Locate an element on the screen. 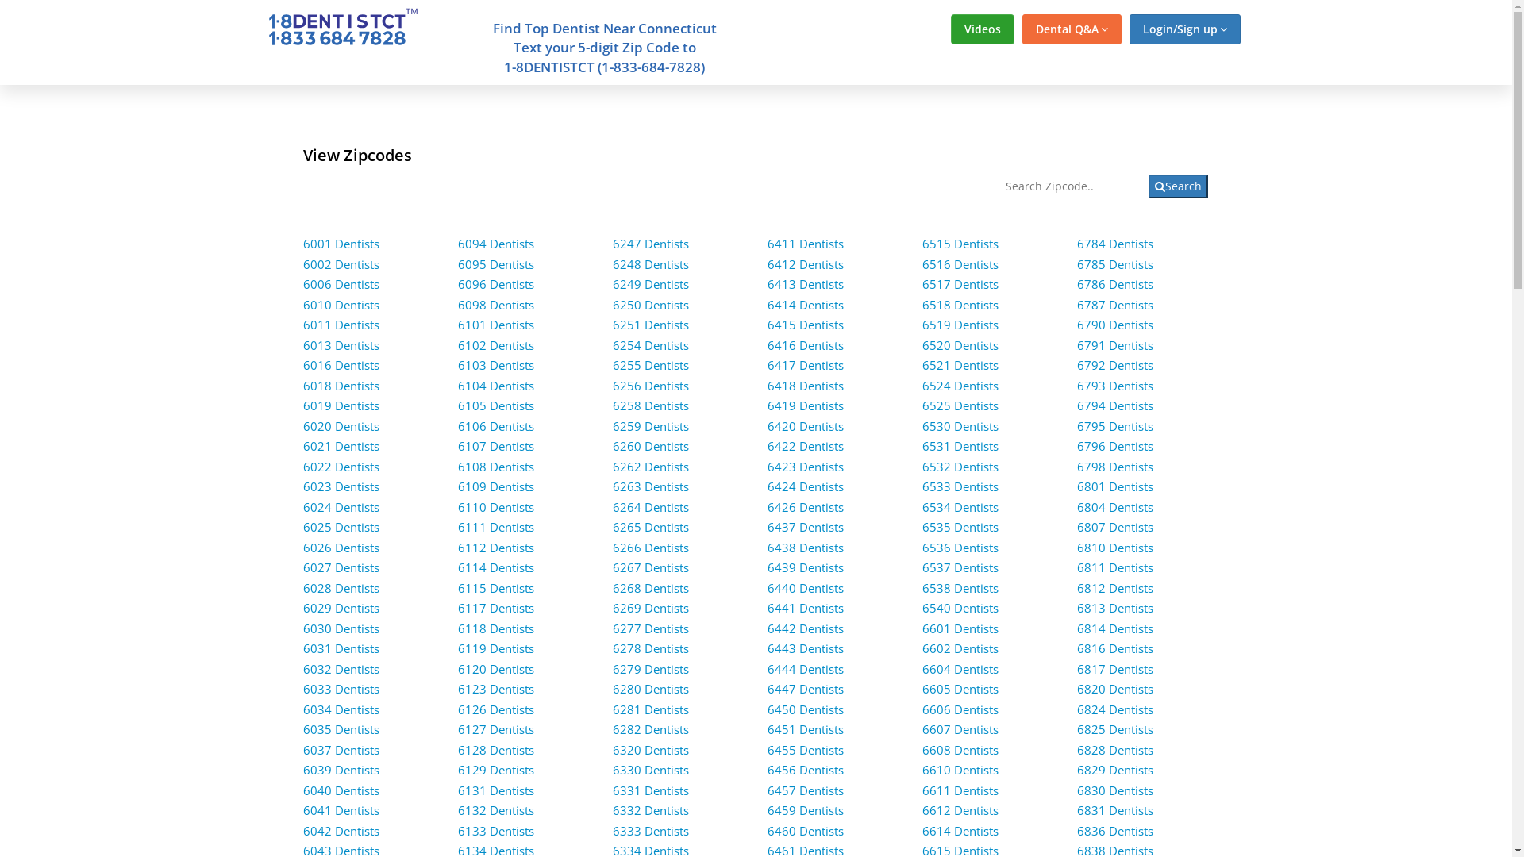 This screenshot has width=1524, height=857. '6417 Dentists' is located at coordinates (805, 364).